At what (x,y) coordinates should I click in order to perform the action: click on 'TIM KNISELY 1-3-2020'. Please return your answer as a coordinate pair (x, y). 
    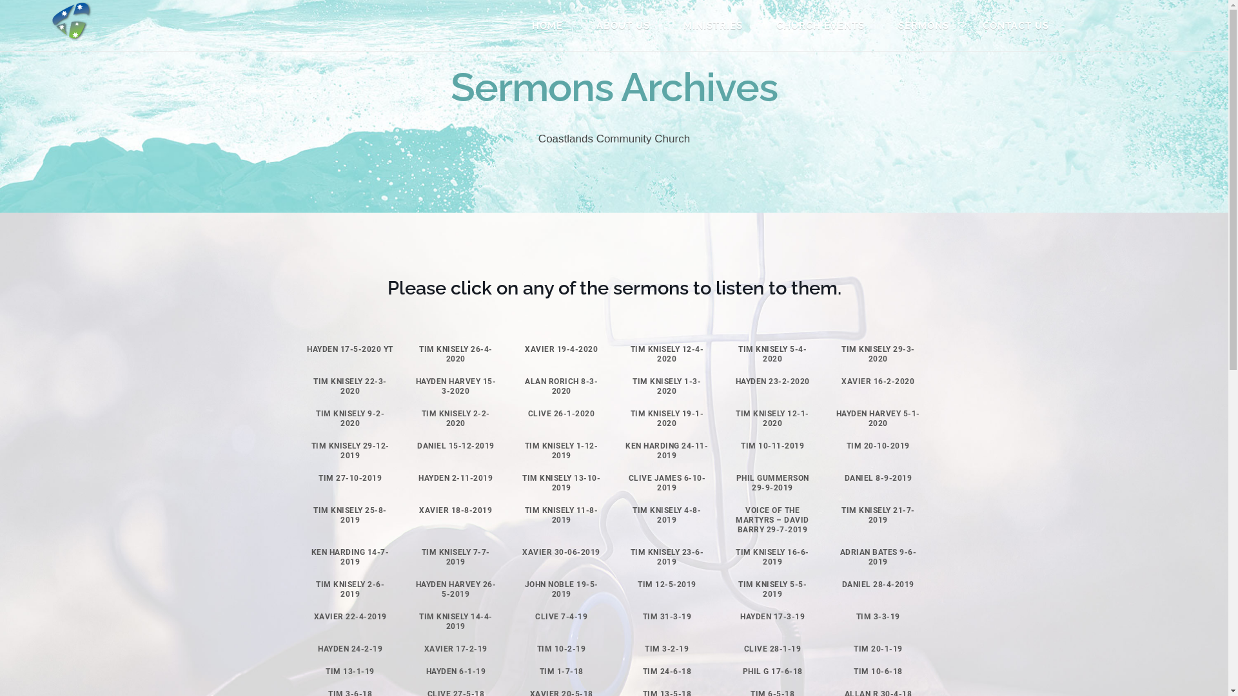
    Looking at the image, I should click on (632, 385).